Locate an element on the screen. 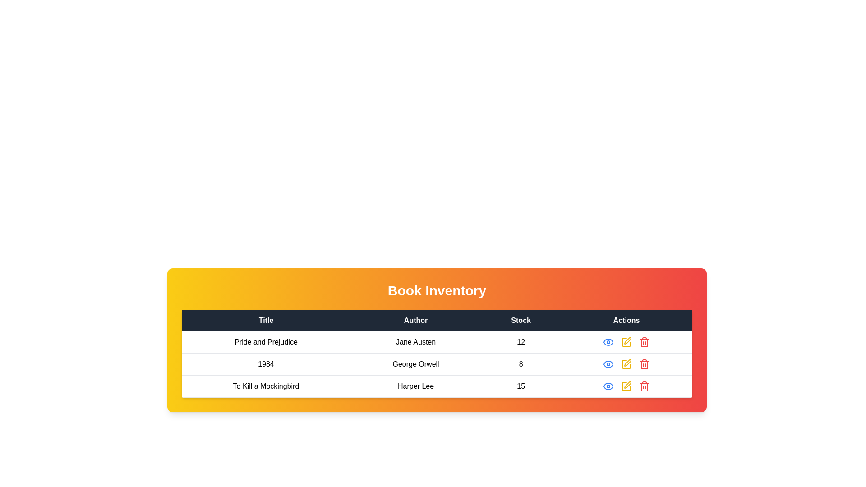 The height and width of the screenshot is (487, 866). the delete action button, which is represented by a trash can icon, located as the third icon in the row of action buttons for the first entry in the table is located at coordinates (644, 342).